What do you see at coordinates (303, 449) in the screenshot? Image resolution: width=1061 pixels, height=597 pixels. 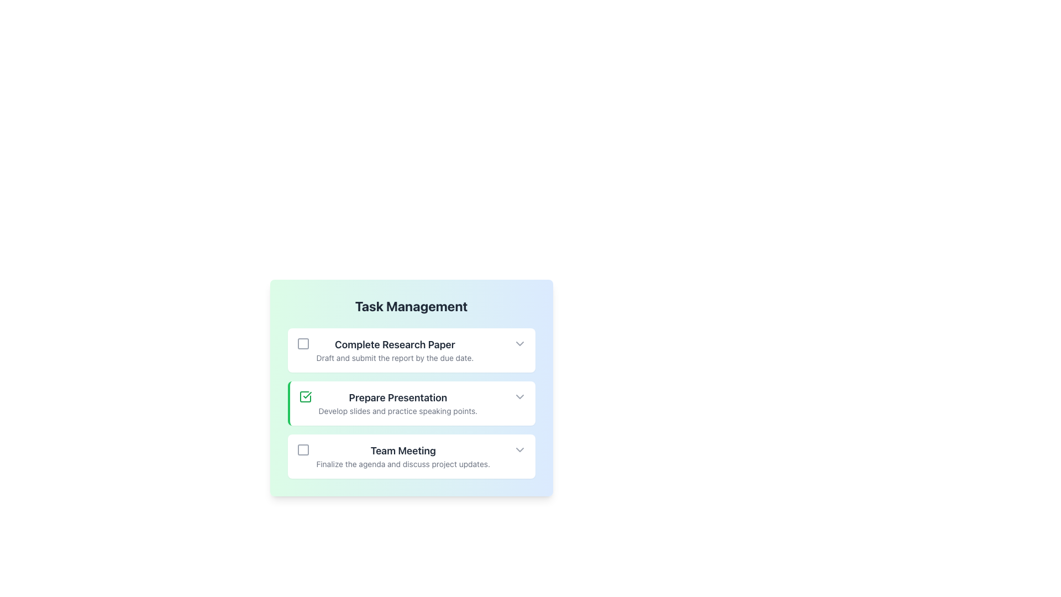 I see `the unchecked checkbox located to the left of the 'Team Meeting' task` at bounding box center [303, 449].